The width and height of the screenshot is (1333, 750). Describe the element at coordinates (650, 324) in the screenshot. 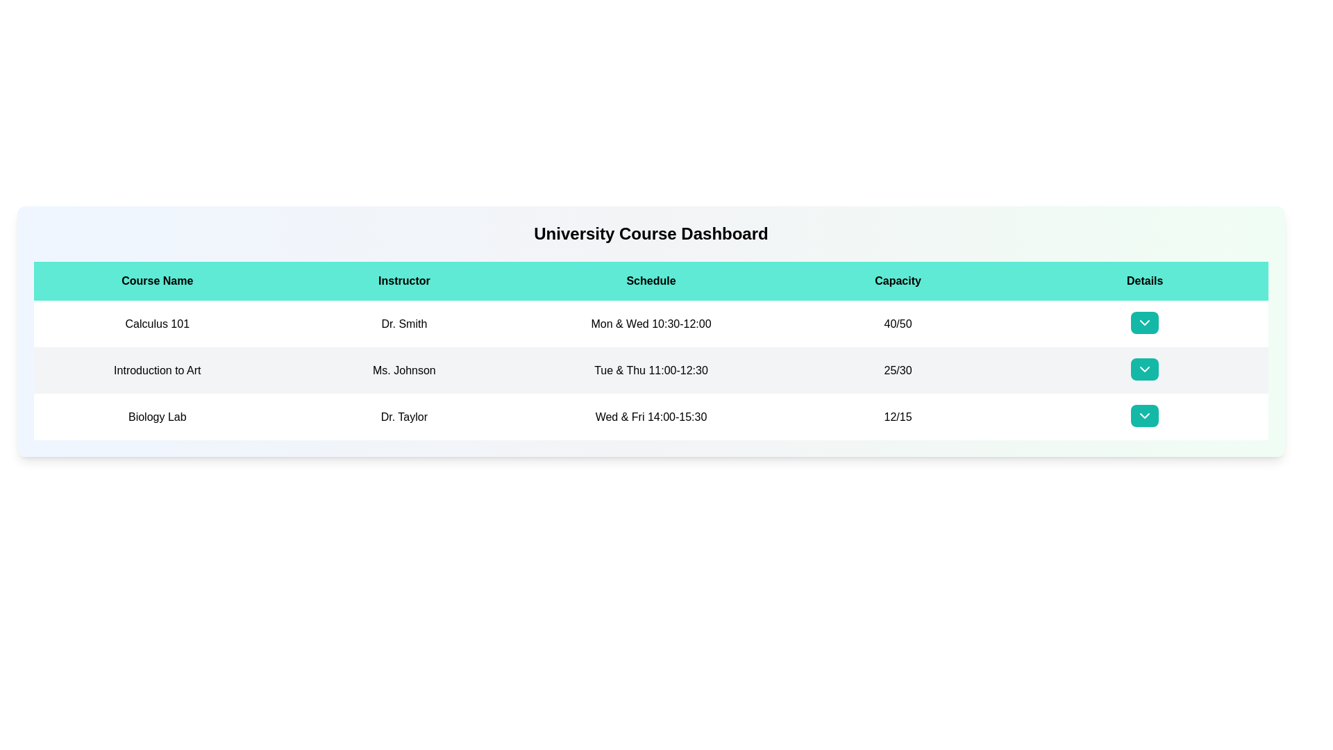

I see `the first row of the university courses table, which displays 'Calculus 101' and is styled with alternating background colors` at that location.